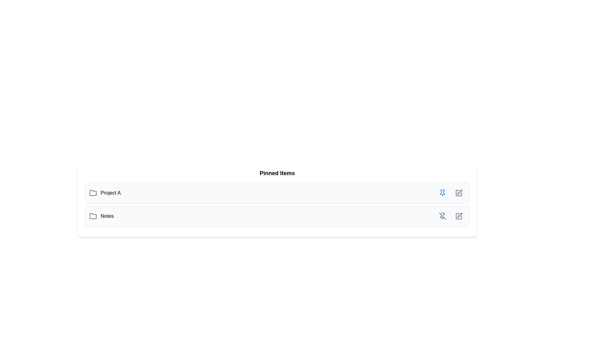 The width and height of the screenshot is (604, 339). What do you see at coordinates (442, 192) in the screenshot?
I see `the pin icon located on the right side of the 'Project A' entry in the interface, which allows users to pin or unpin the associated item for priority` at bounding box center [442, 192].